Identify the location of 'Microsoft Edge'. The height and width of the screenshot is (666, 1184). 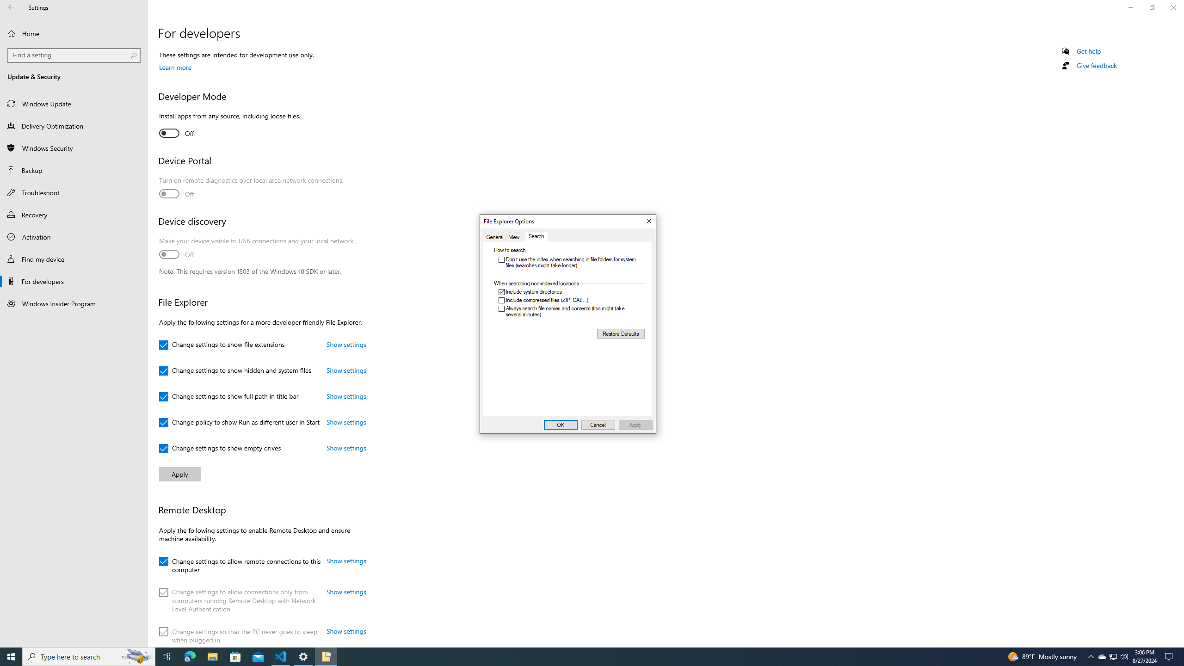
(189, 656).